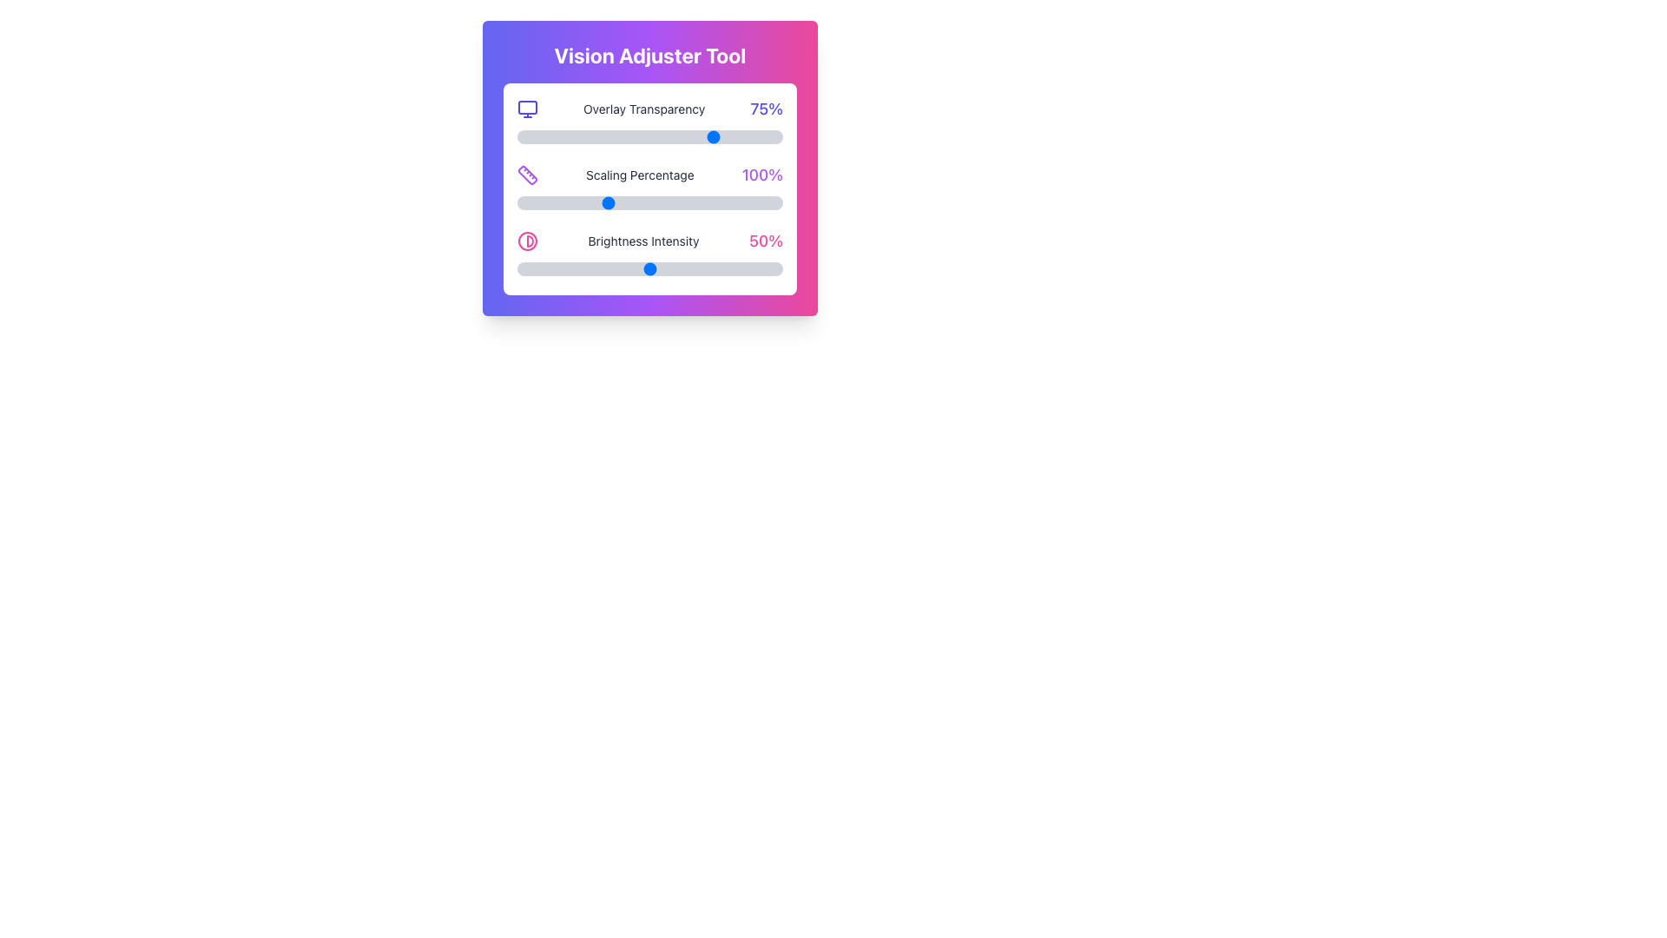 This screenshot has width=1667, height=938. What do you see at coordinates (651, 202) in the screenshot?
I see `the scaling percentage` at bounding box center [651, 202].